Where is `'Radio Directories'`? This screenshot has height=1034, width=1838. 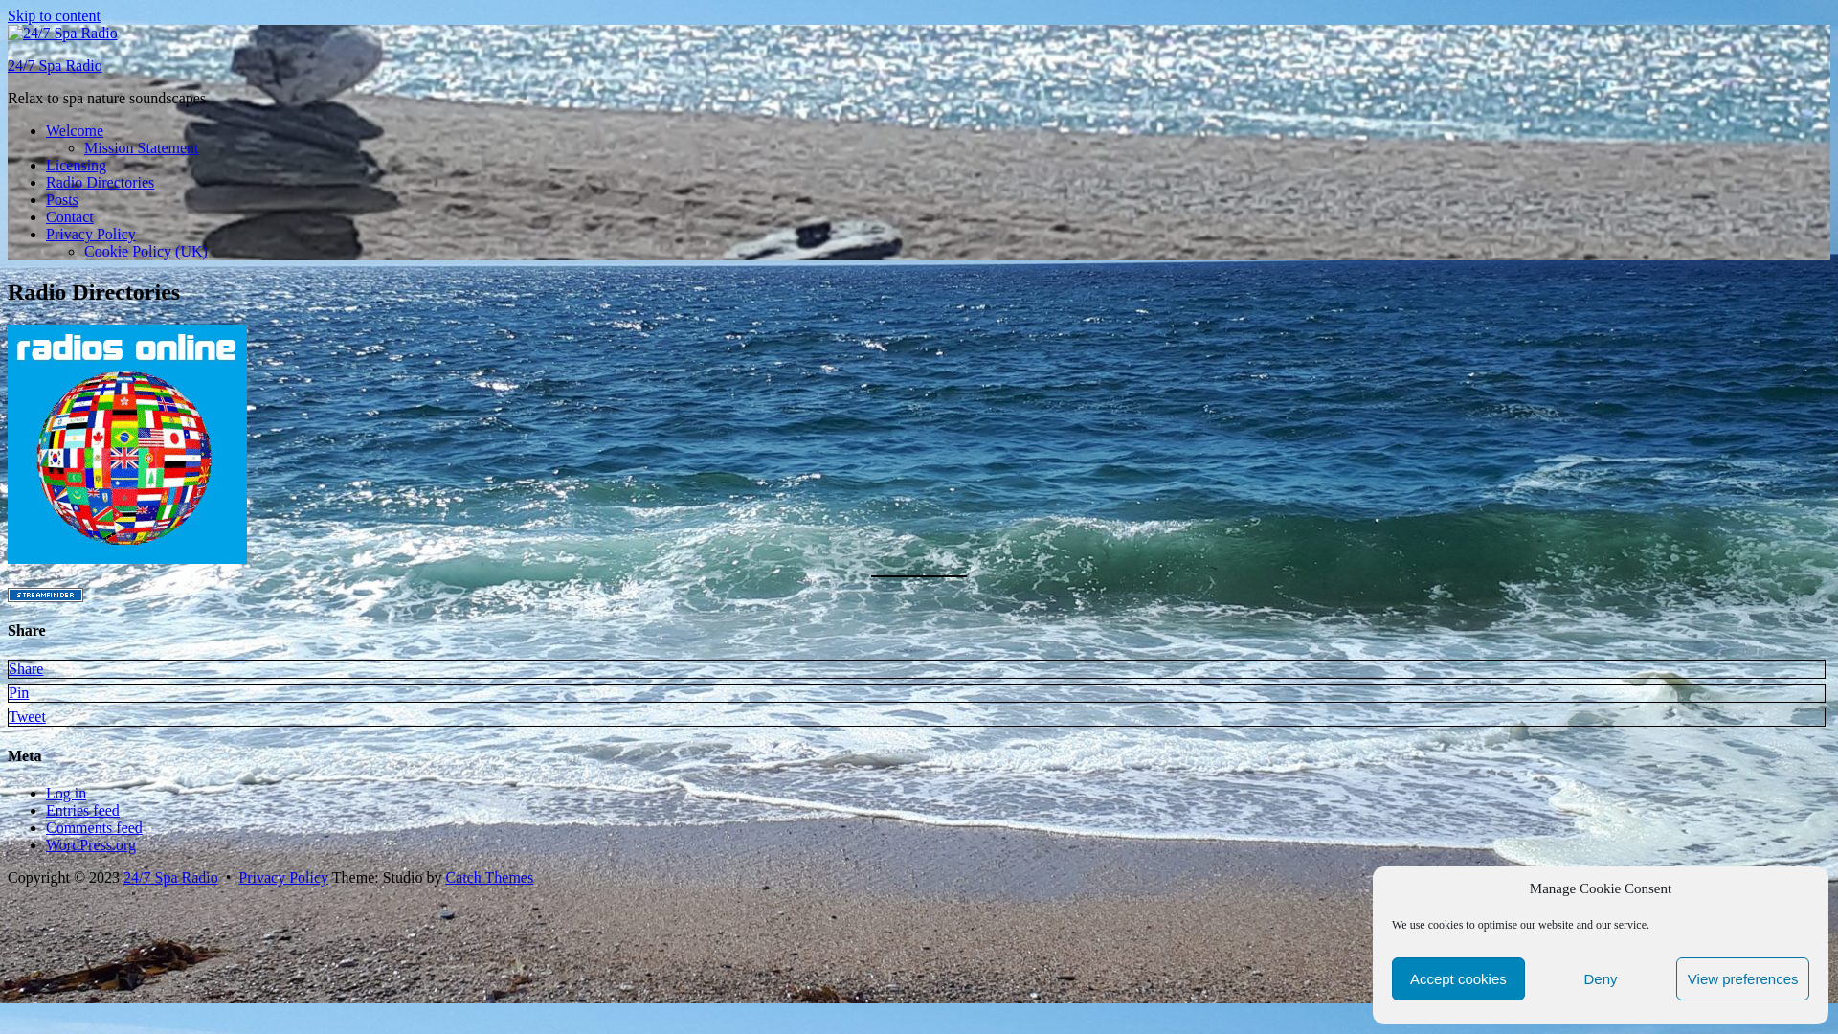
'Radio Directories' is located at coordinates (46, 182).